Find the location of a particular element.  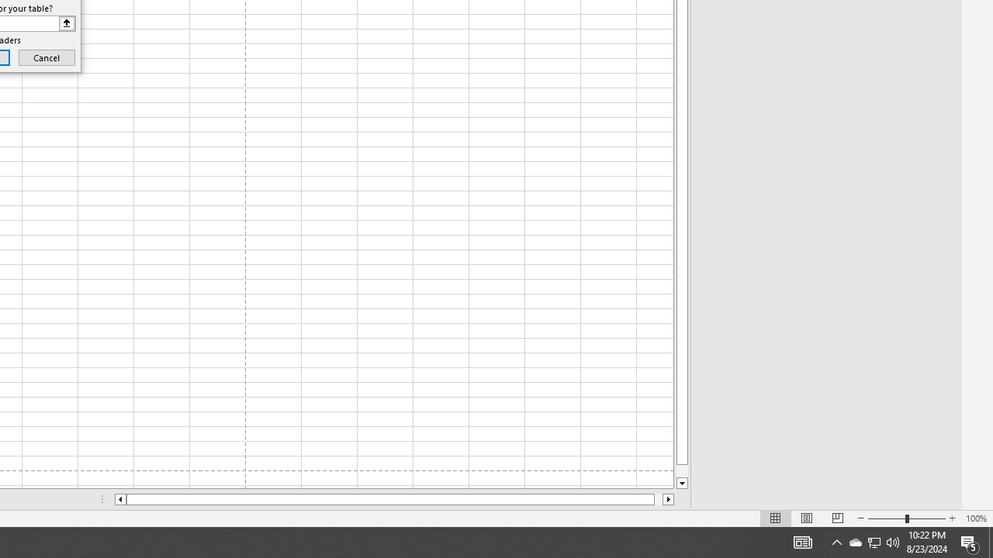

'Normal' is located at coordinates (776, 518).